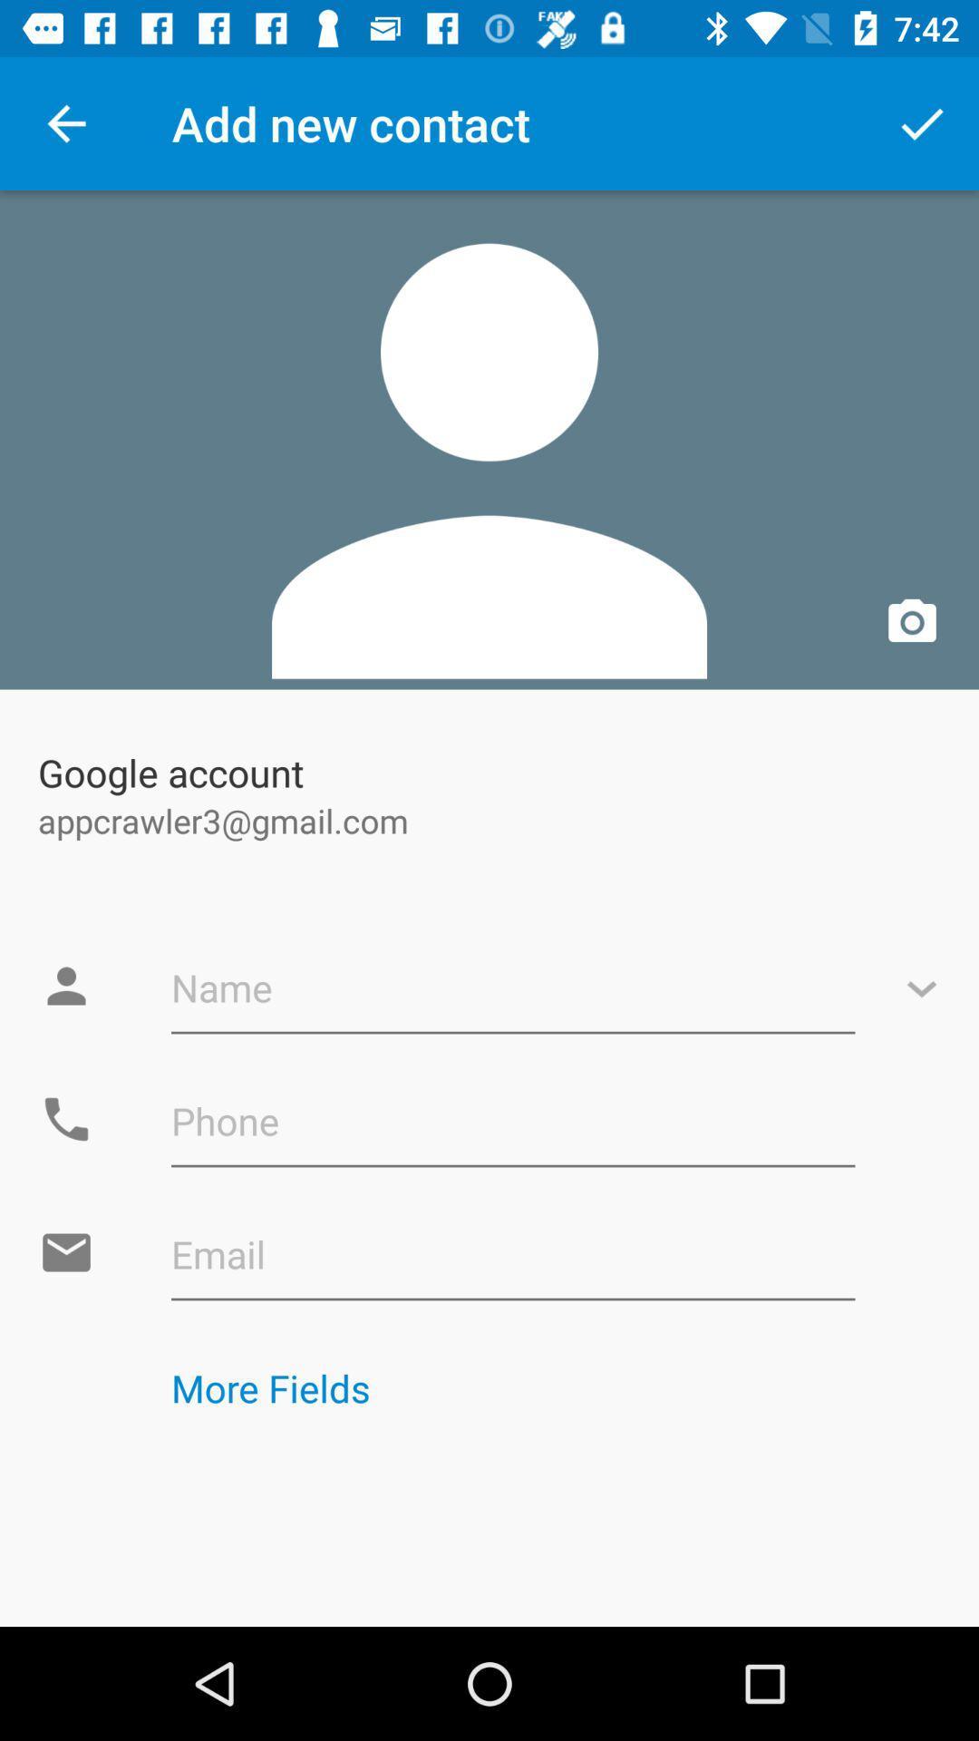 The image size is (979, 1741). Describe the element at coordinates (489, 440) in the screenshot. I see `the item above google account item` at that location.